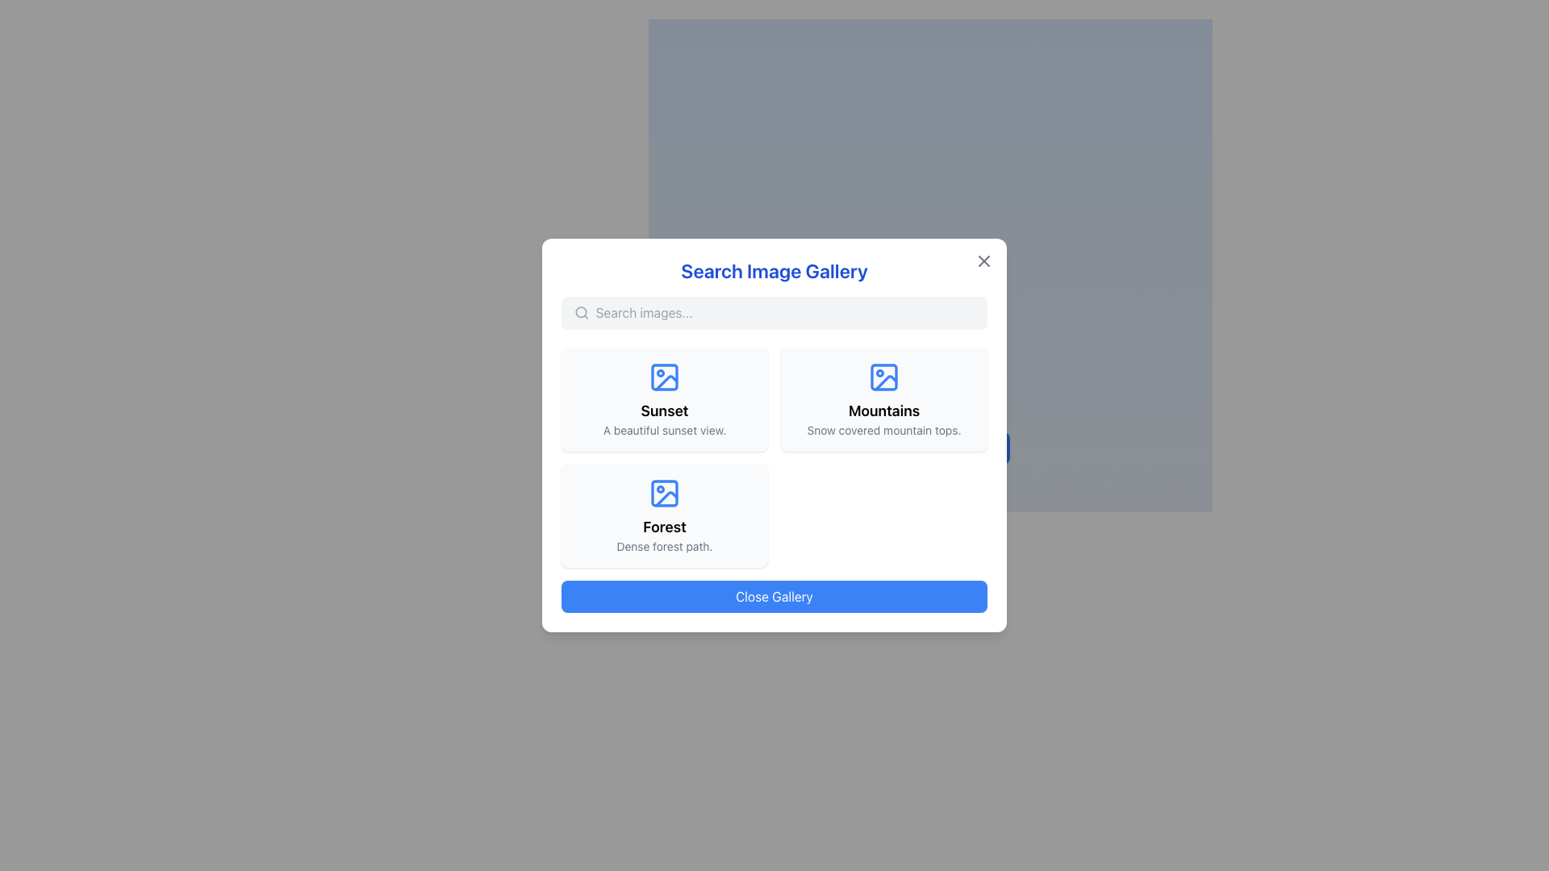  I want to click on the 'Mountains' icon in the top-center of the card within the 'Search Image Gallery' modal, so click(883, 377).